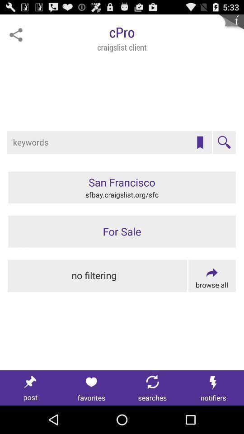 The width and height of the screenshot is (244, 434). I want to click on open information page, so click(231, 26).